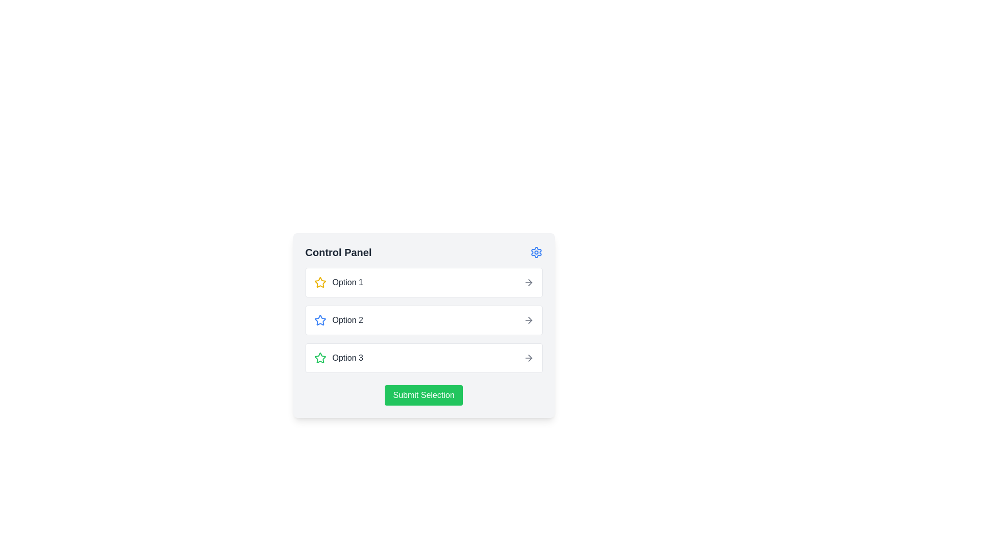 The width and height of the screenshot is (981, 551). Describe the element at coordinates (530, 358) in the screenshot. I see `the arrow icon located at the rightmost position of the third row (Option 3 row)` at that location.